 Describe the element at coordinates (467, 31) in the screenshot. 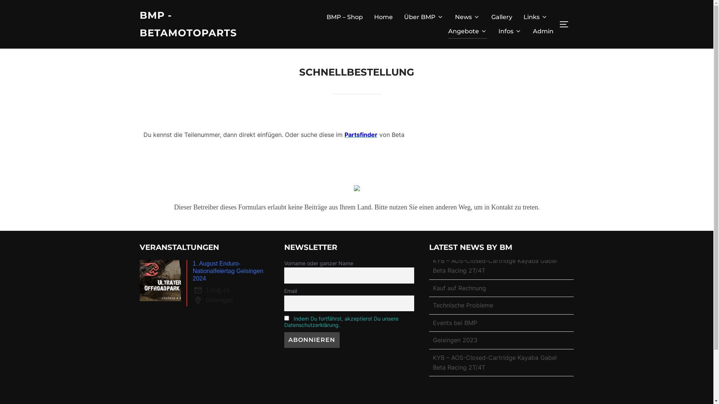

I see `'Angebote'` at that location.